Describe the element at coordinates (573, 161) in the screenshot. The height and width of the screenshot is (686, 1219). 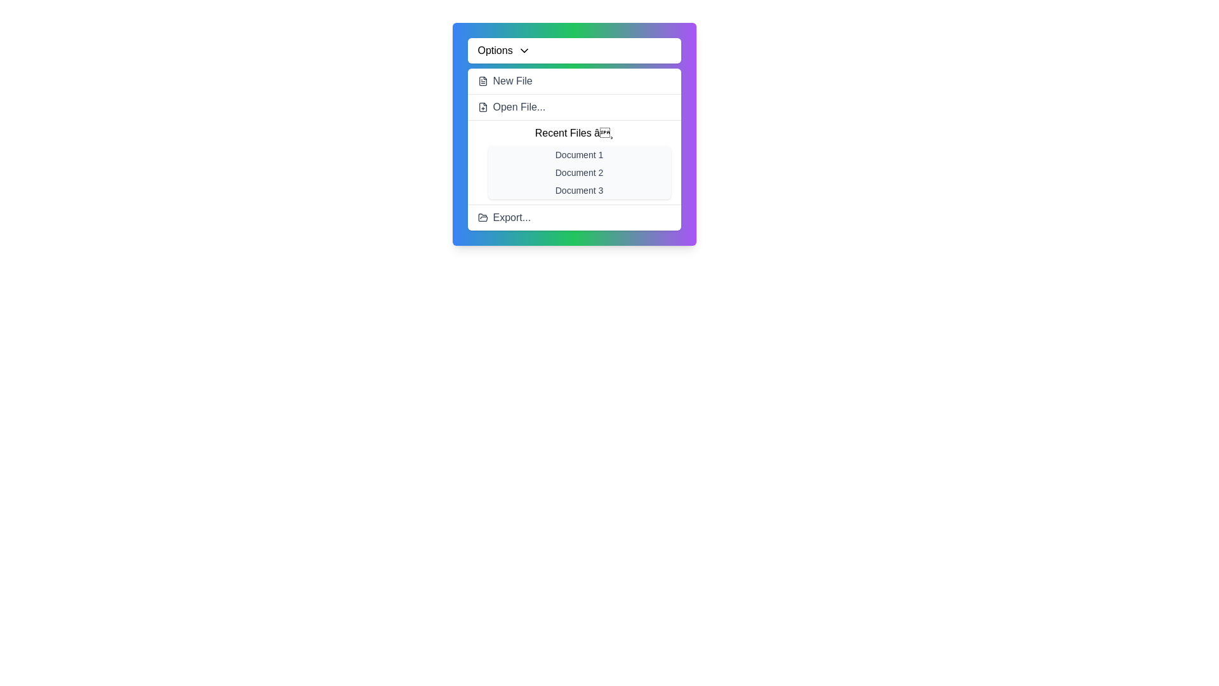
I see `filenames listed under the 'Recent Files ⋗' heading in the List component, which includes 'Document 1', 'Document 2', and 'Document 3'` at that location.